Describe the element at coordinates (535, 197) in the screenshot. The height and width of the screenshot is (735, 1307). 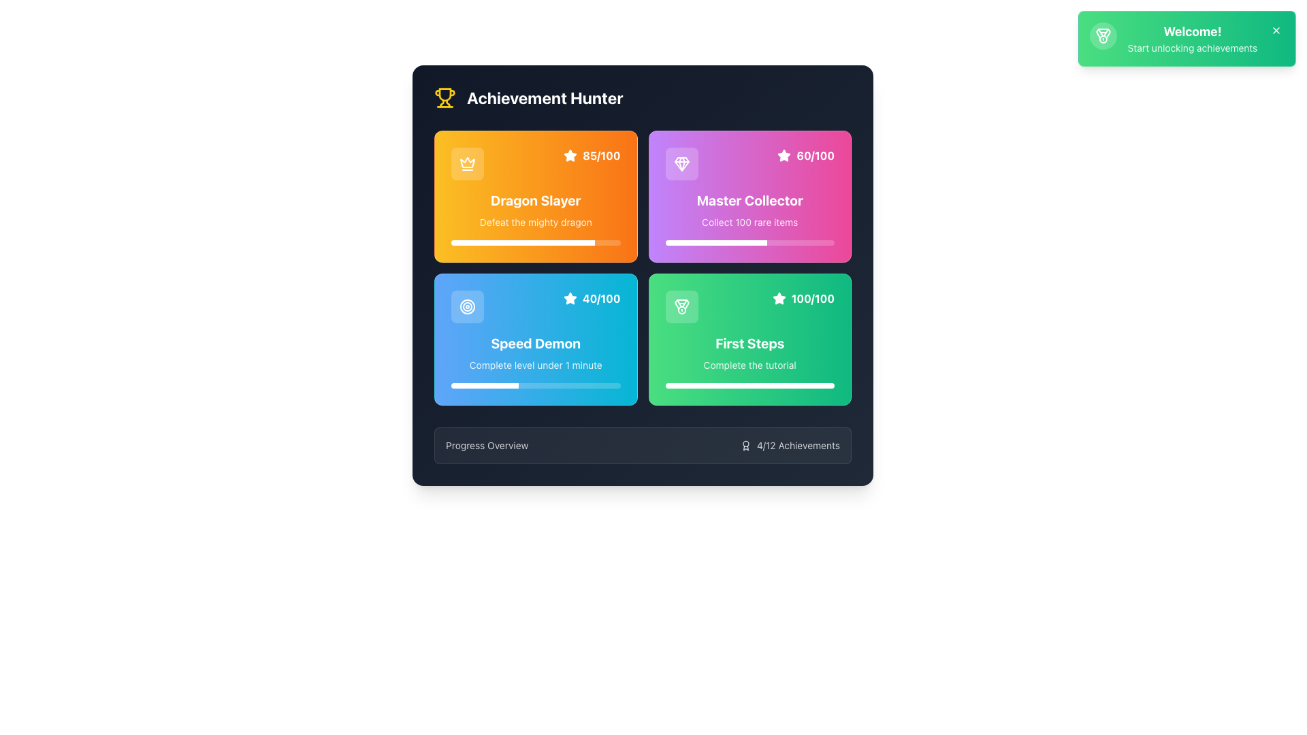
I see `the Achievement card with a crown icon at the top-left corner, displaying '85/100' and 'Dragon Slayer' text` at that location.